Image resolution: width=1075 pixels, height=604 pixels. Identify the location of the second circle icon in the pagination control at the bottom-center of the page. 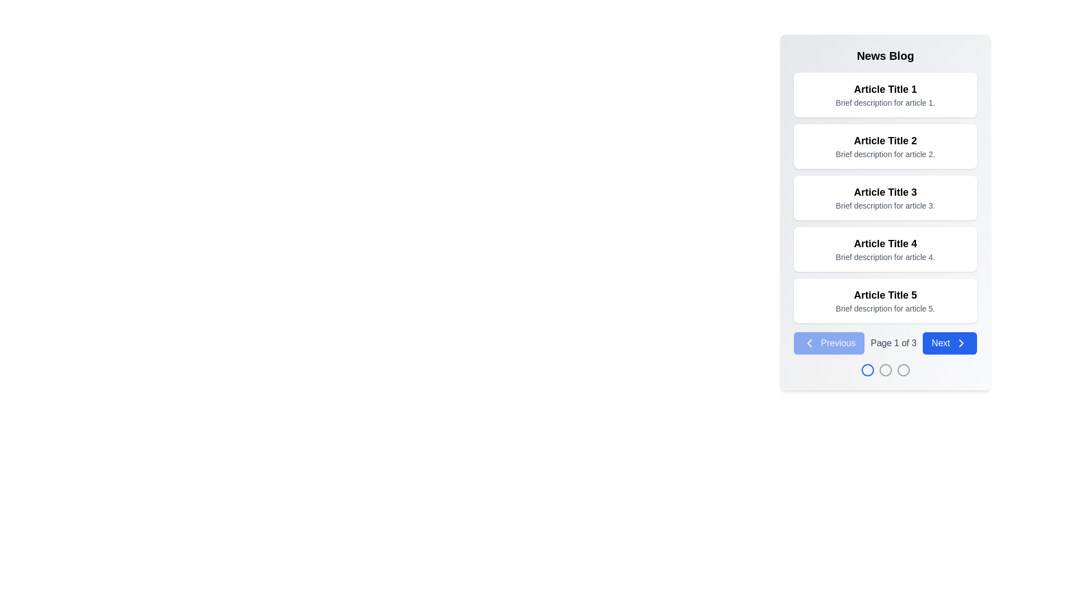
(885, 370).